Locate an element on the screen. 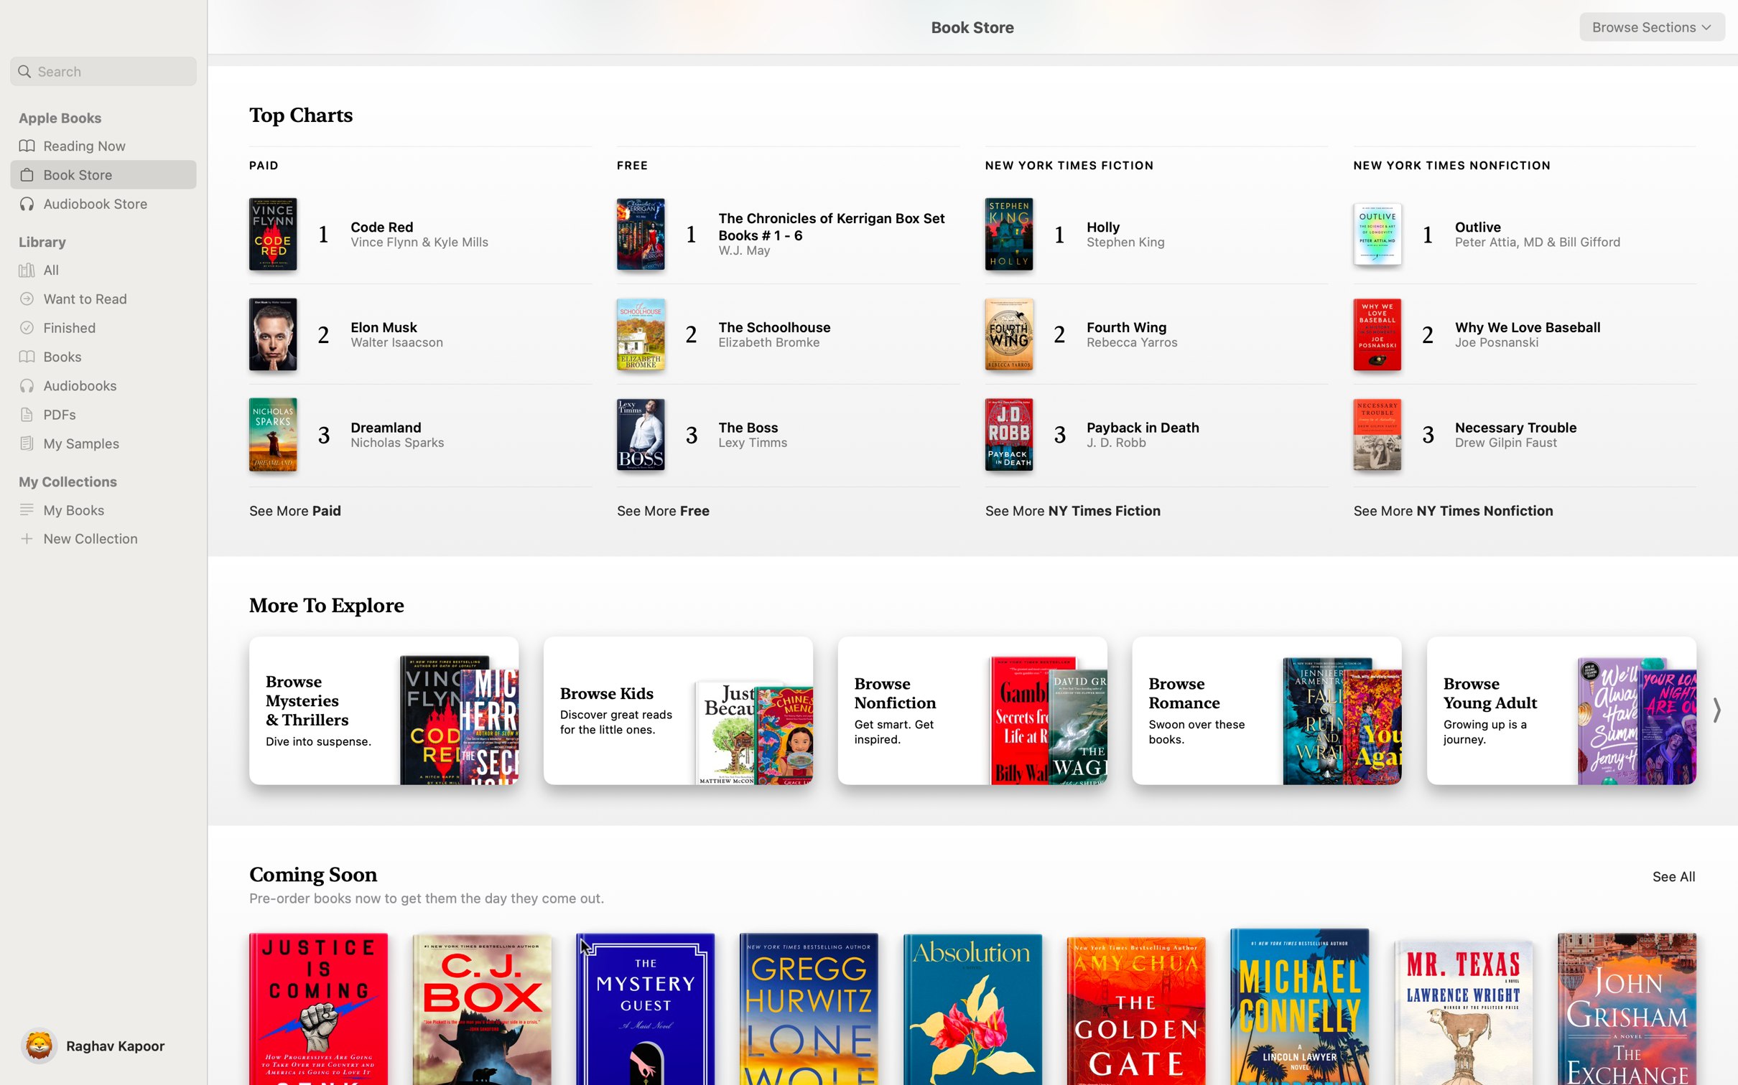  "Elon Musk" on Paid Top Charts is located at coordinates (406, 337).